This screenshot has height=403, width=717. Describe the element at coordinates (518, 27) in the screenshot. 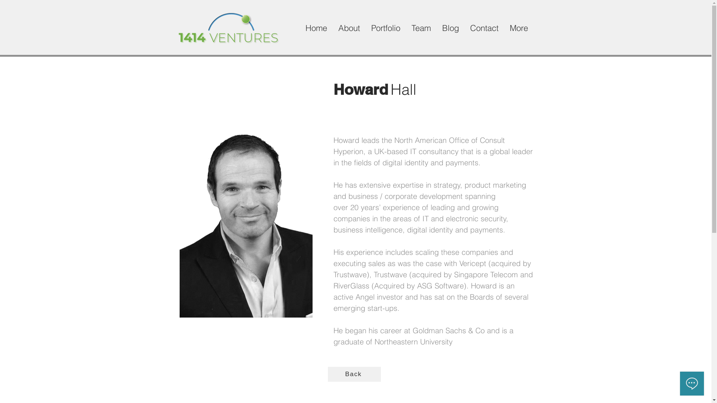

I see `'More'` at that location.